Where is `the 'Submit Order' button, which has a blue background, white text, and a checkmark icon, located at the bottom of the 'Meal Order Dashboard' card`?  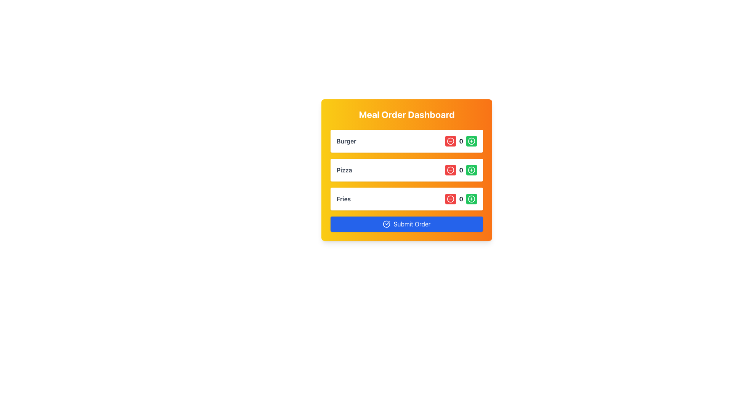
the 'Submit Order' button, which has a blue background, white text, and a checkmark icon, located at the bottom of the 'Meal Order Dashboard' card is located at coordinates (406, 224).